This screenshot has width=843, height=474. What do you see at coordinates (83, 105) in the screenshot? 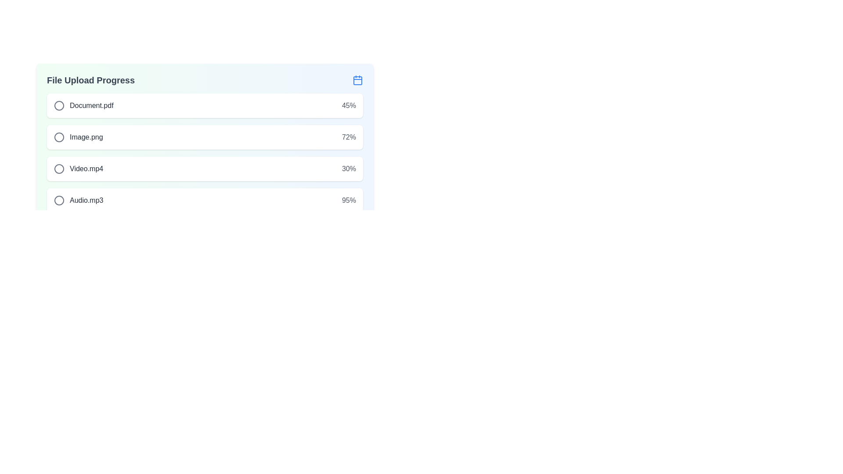
I see `the 'Document.pdf' text label in the first position of the file upload progress tracker to interact with potential actions` at bounding box center [83, 105].